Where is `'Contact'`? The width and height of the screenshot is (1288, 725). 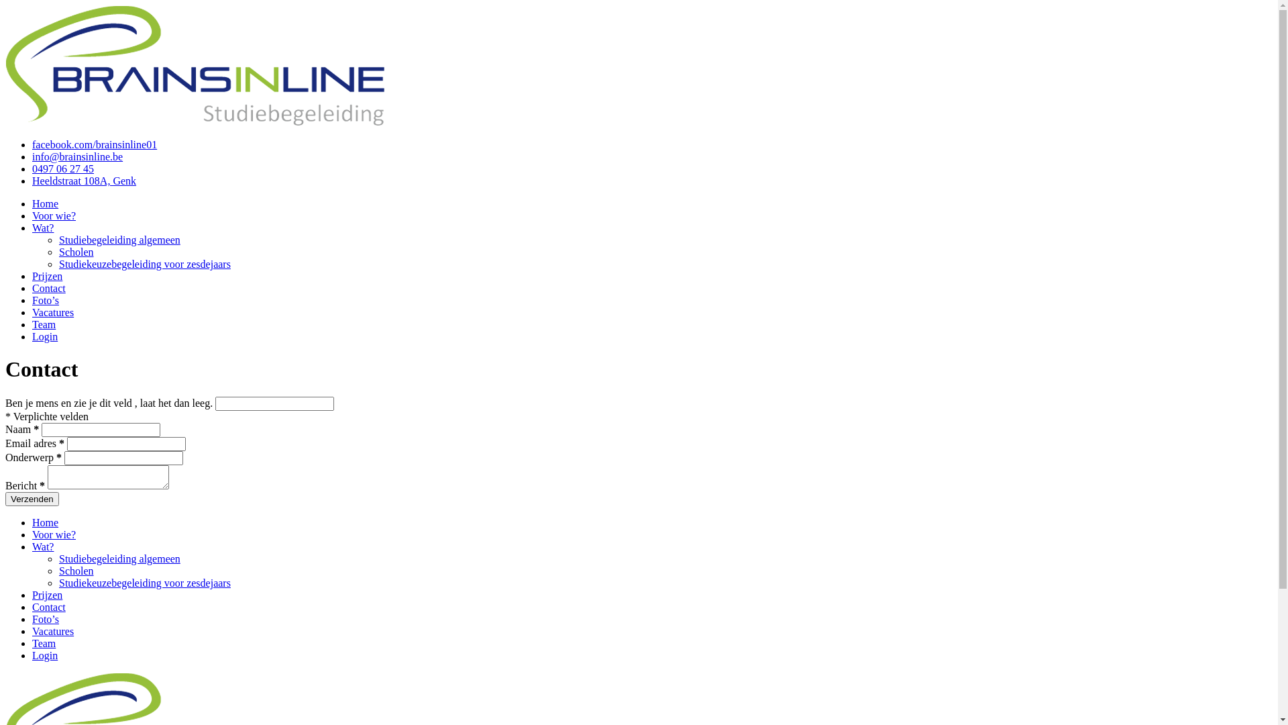
'Contact' is located at coordinates (48, 607).